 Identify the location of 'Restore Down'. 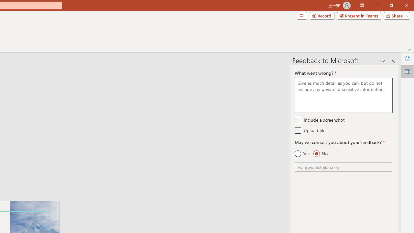
(391, 5).